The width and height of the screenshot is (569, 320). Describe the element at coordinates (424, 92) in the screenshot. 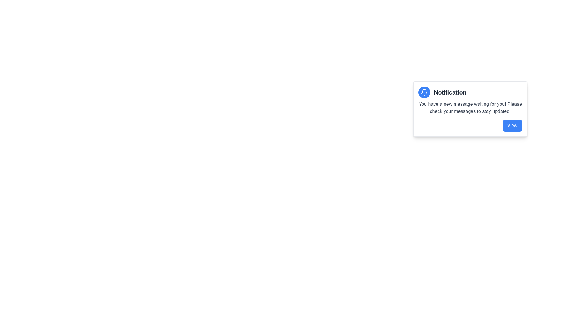

I see `the circular blue notification icon with a white bell symbol located at the leftmost part of the notification bar` at that location.